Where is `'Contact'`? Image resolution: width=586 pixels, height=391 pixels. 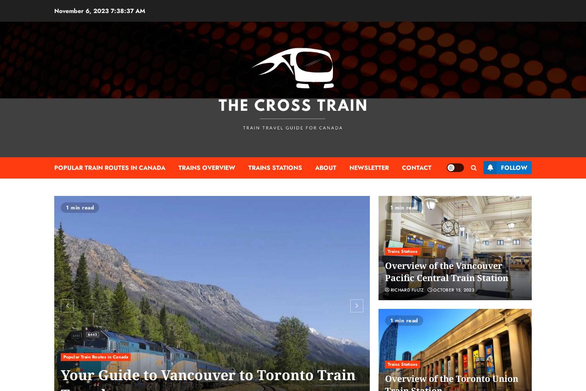
'Contact' is located at coordinates (401, 167).